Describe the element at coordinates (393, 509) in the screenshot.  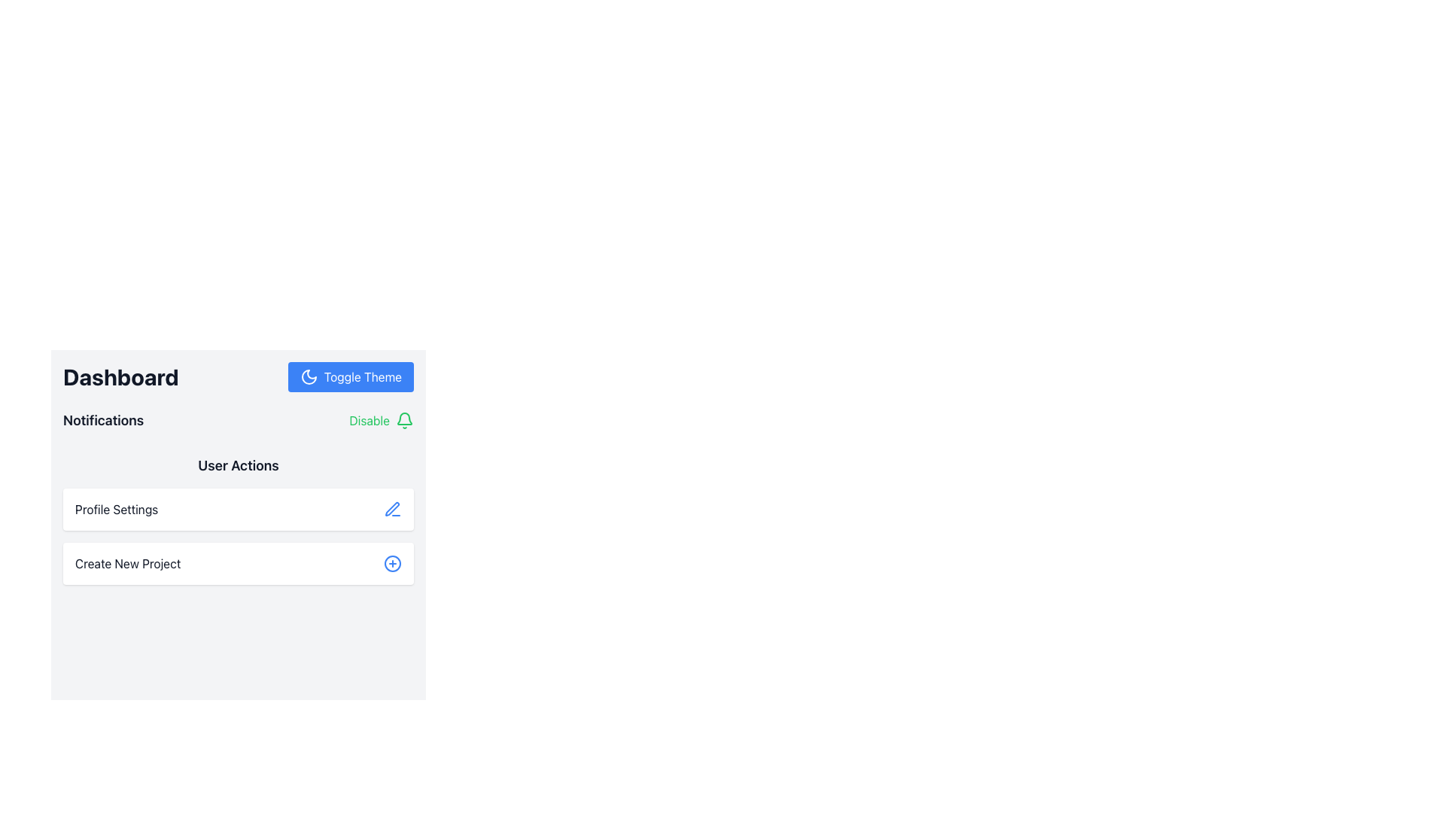
I see `the blue pen icon button located to the right of the 'Profile Settings' text in the 'User Actions' section of the Dashboard` at that location.